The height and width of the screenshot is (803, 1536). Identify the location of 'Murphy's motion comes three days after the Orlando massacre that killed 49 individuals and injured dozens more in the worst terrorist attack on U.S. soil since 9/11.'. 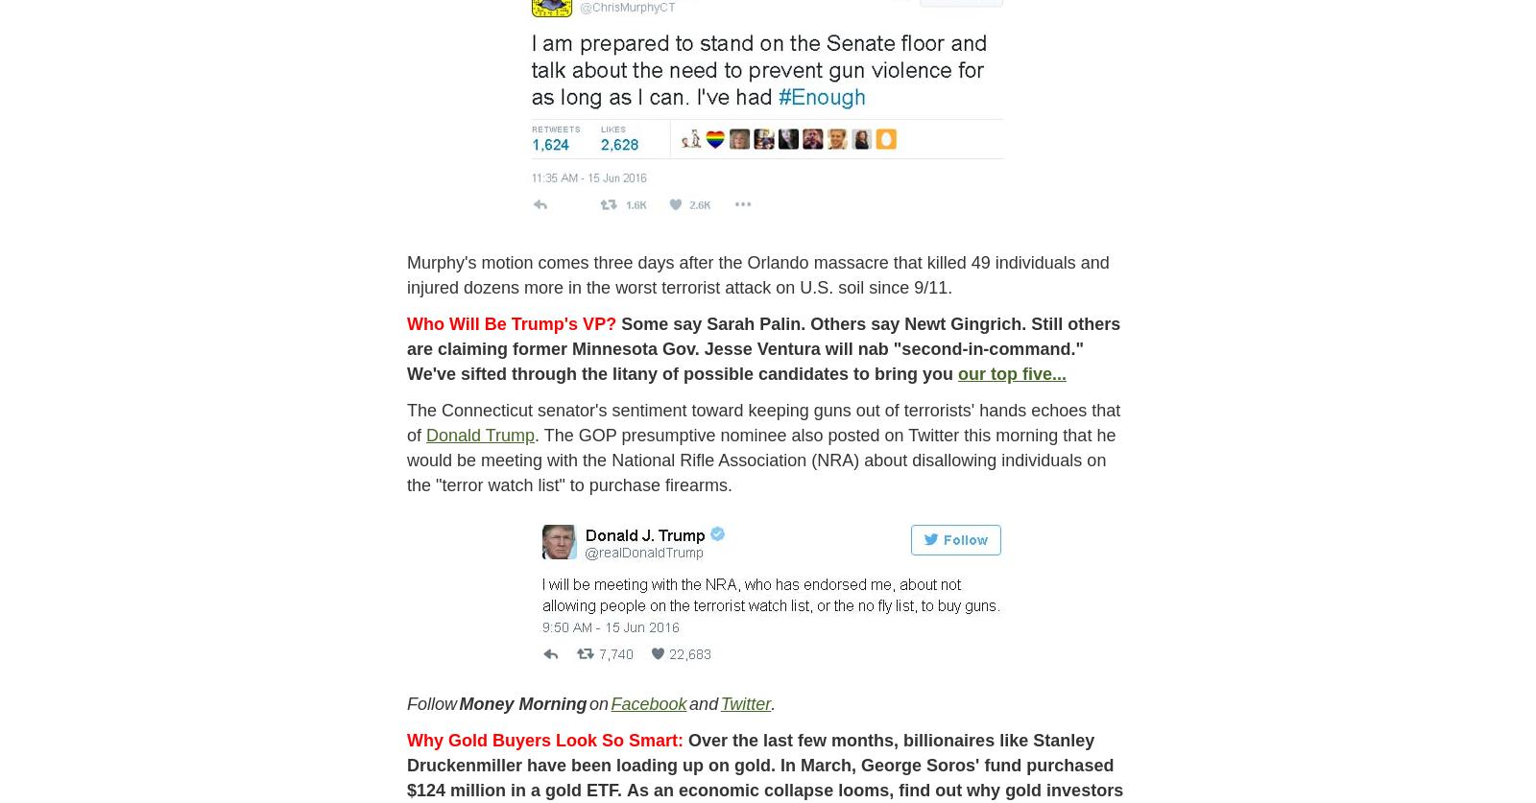
(757, 274).